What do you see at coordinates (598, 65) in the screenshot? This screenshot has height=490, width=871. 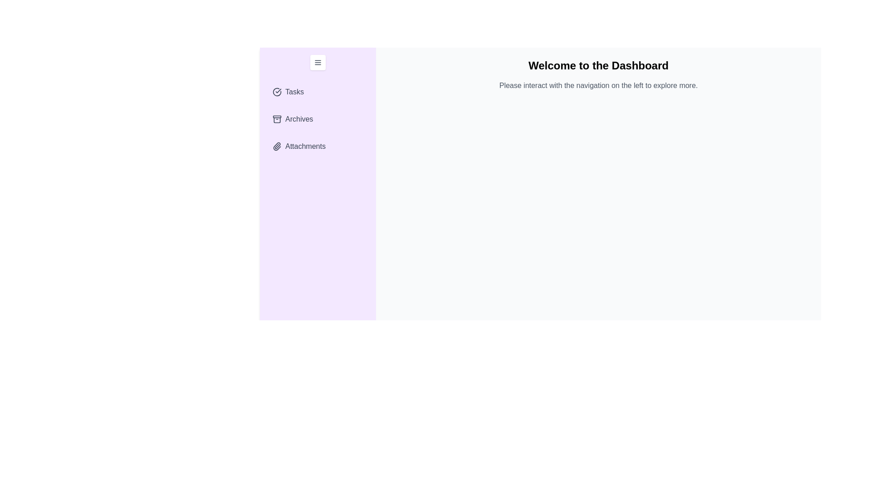 I see `the header text 'Welcome to the Dashboard' to select or focus on it` at bounding box center [598, 65].